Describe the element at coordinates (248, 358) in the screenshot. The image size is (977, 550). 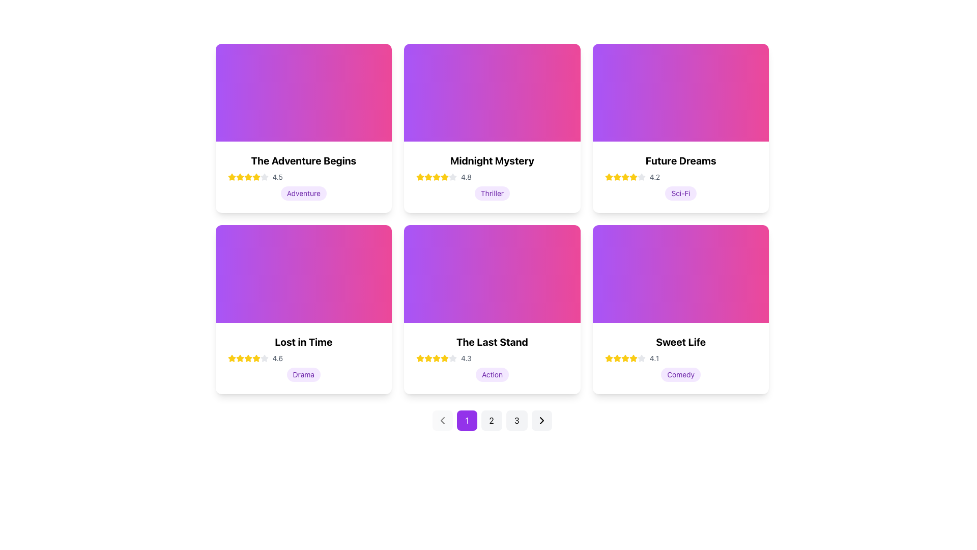
I see `the second highlighted star icon representing the rating for the movie card titled 'Lost in Time' located in the second row, first column` at that location.